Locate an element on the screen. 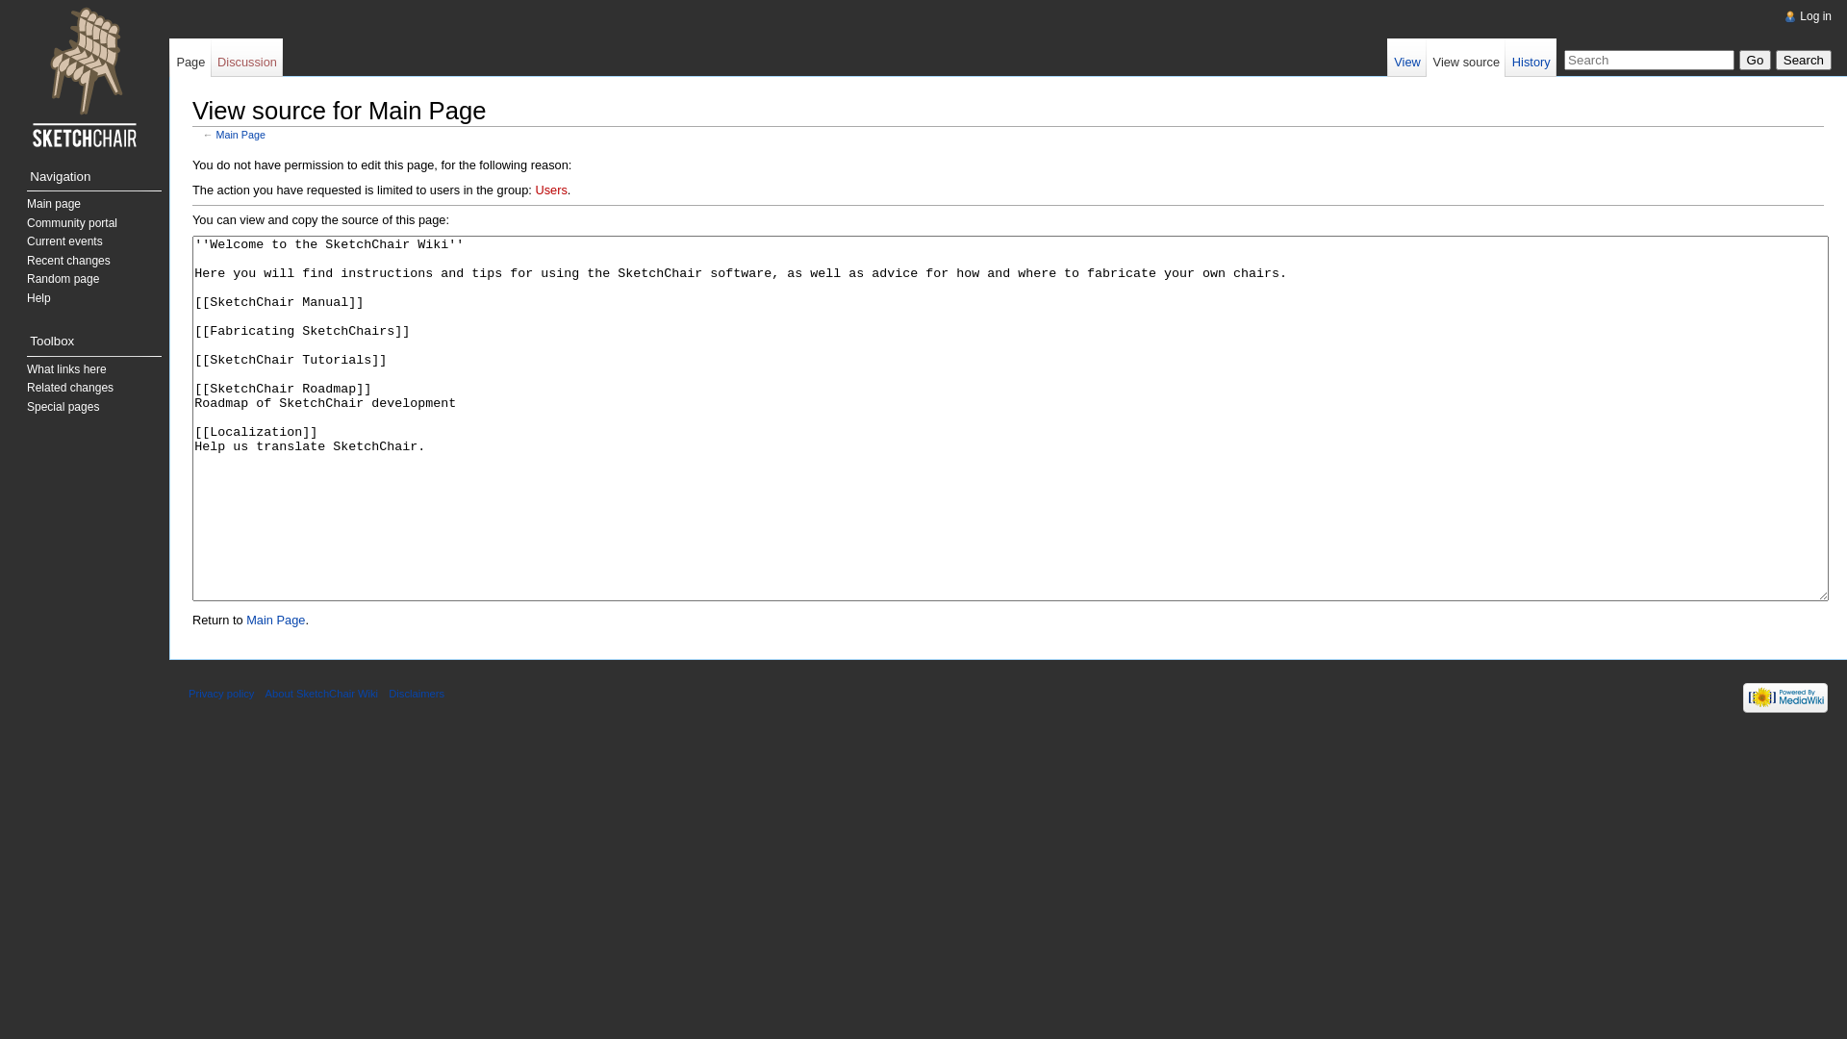 This screenshot has height=1039, width=1847. 'Page' is located at coordinates (170, 57).